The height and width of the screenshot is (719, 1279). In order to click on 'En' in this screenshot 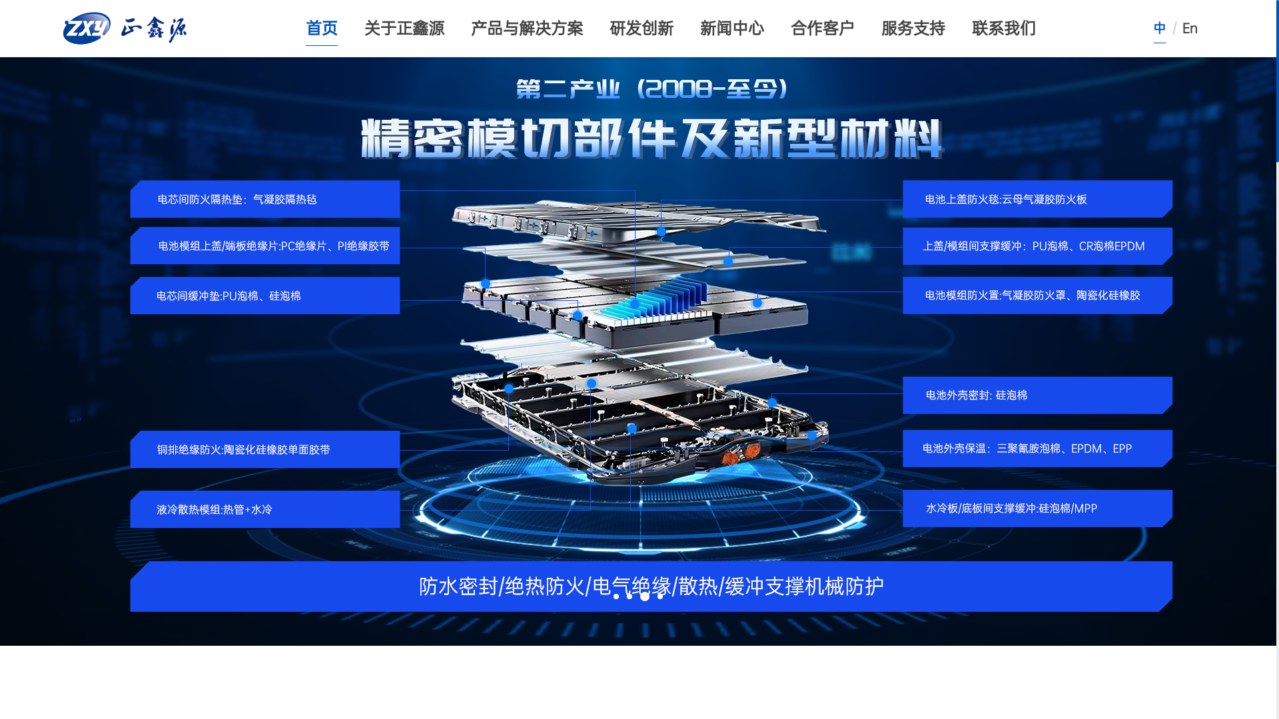, I will do `click(1190, 28)`.